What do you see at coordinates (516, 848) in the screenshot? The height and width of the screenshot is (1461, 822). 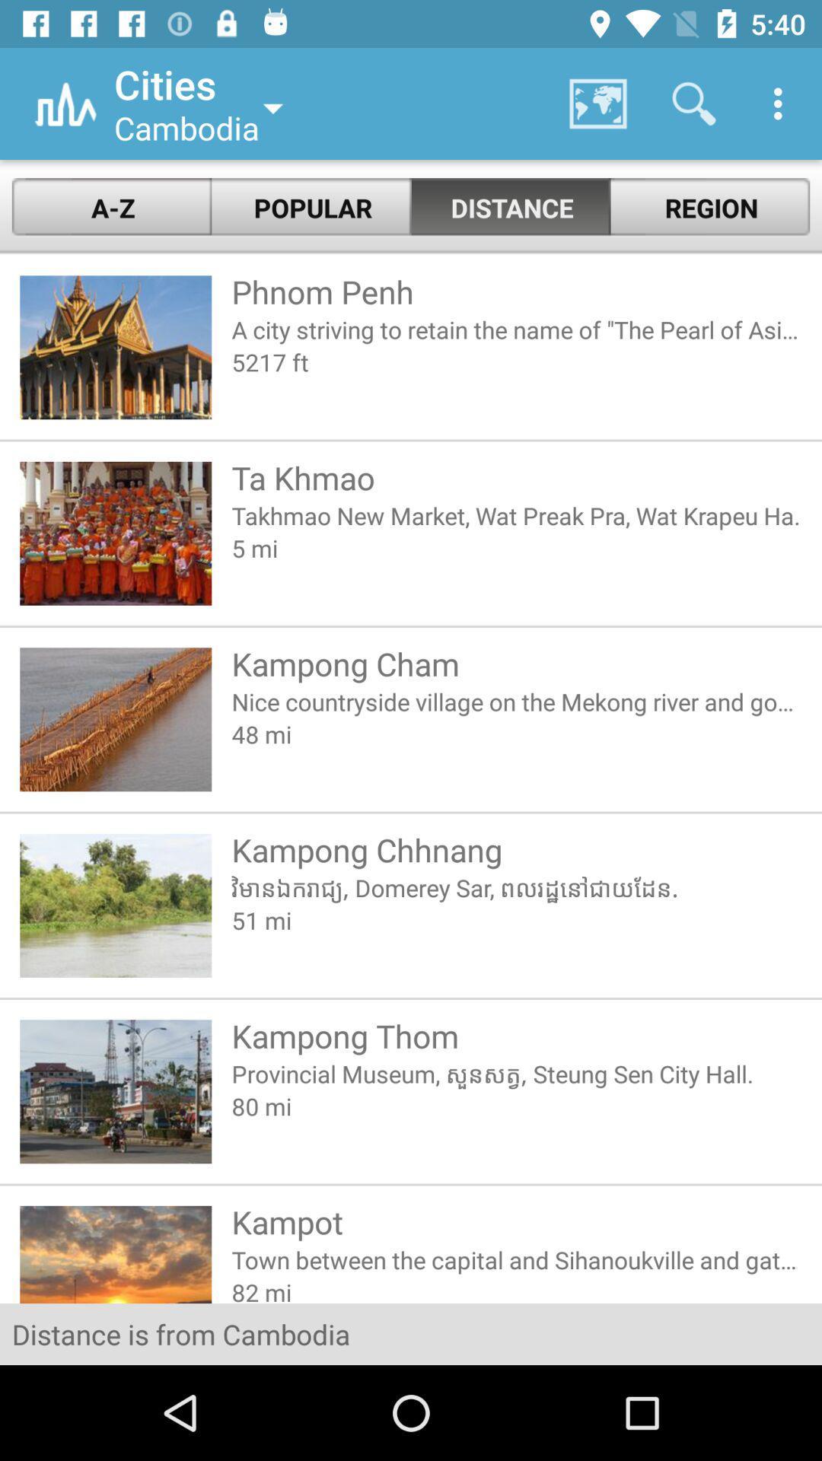 I see `the kampong chhnang` at bounding box center [516, 848].